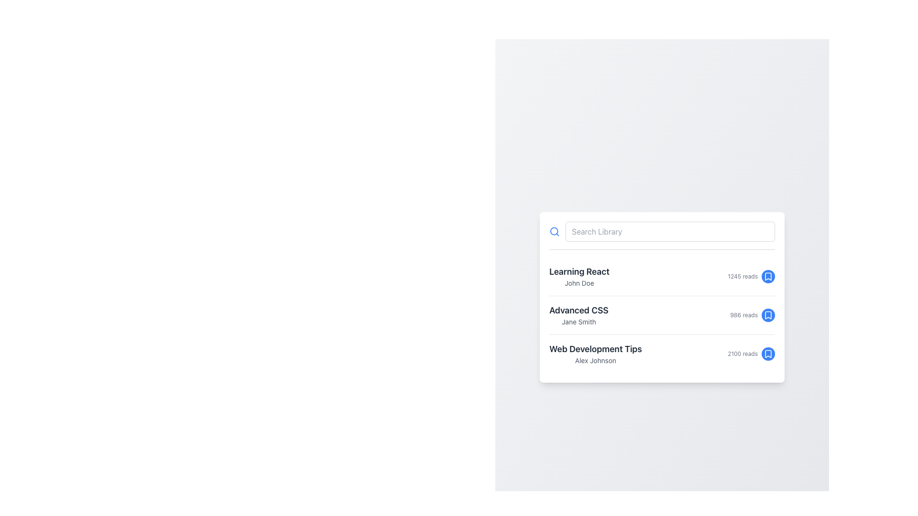 The image size is (918, 516). What do you see at coordinates (579, 276) in the screenshot?
I see `the Textual Information Block containing the title 'Learning React' and the author's name '1245 reads', which is the first item in the list beneath the search bar` at bounding box center [579, 276].